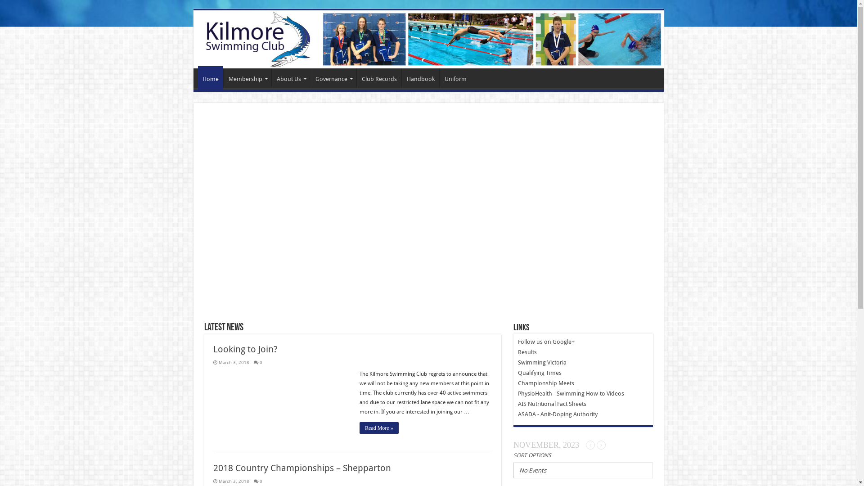 The image size is (864, 486). What do you see at coordinates (545, 383) in the screenshot?
I see `'Championship Meets'` at bounding box center [545, 383].